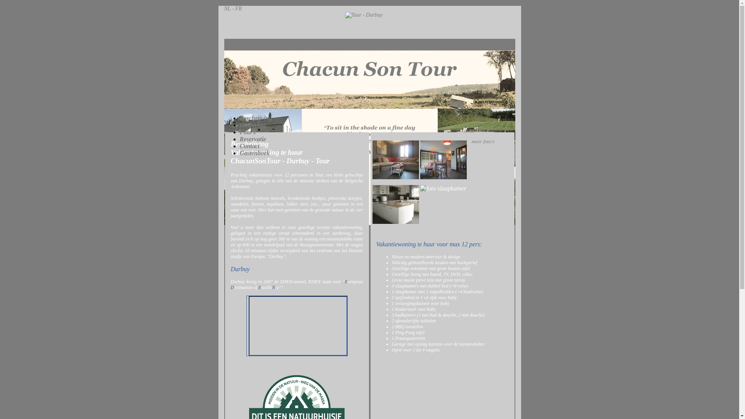 The width and height of the screenshot is (745, 419). What do you see at coordinates (239, 153) in the screenshot?
I see `'Gastenboek'` at bounding box center [239, 153].